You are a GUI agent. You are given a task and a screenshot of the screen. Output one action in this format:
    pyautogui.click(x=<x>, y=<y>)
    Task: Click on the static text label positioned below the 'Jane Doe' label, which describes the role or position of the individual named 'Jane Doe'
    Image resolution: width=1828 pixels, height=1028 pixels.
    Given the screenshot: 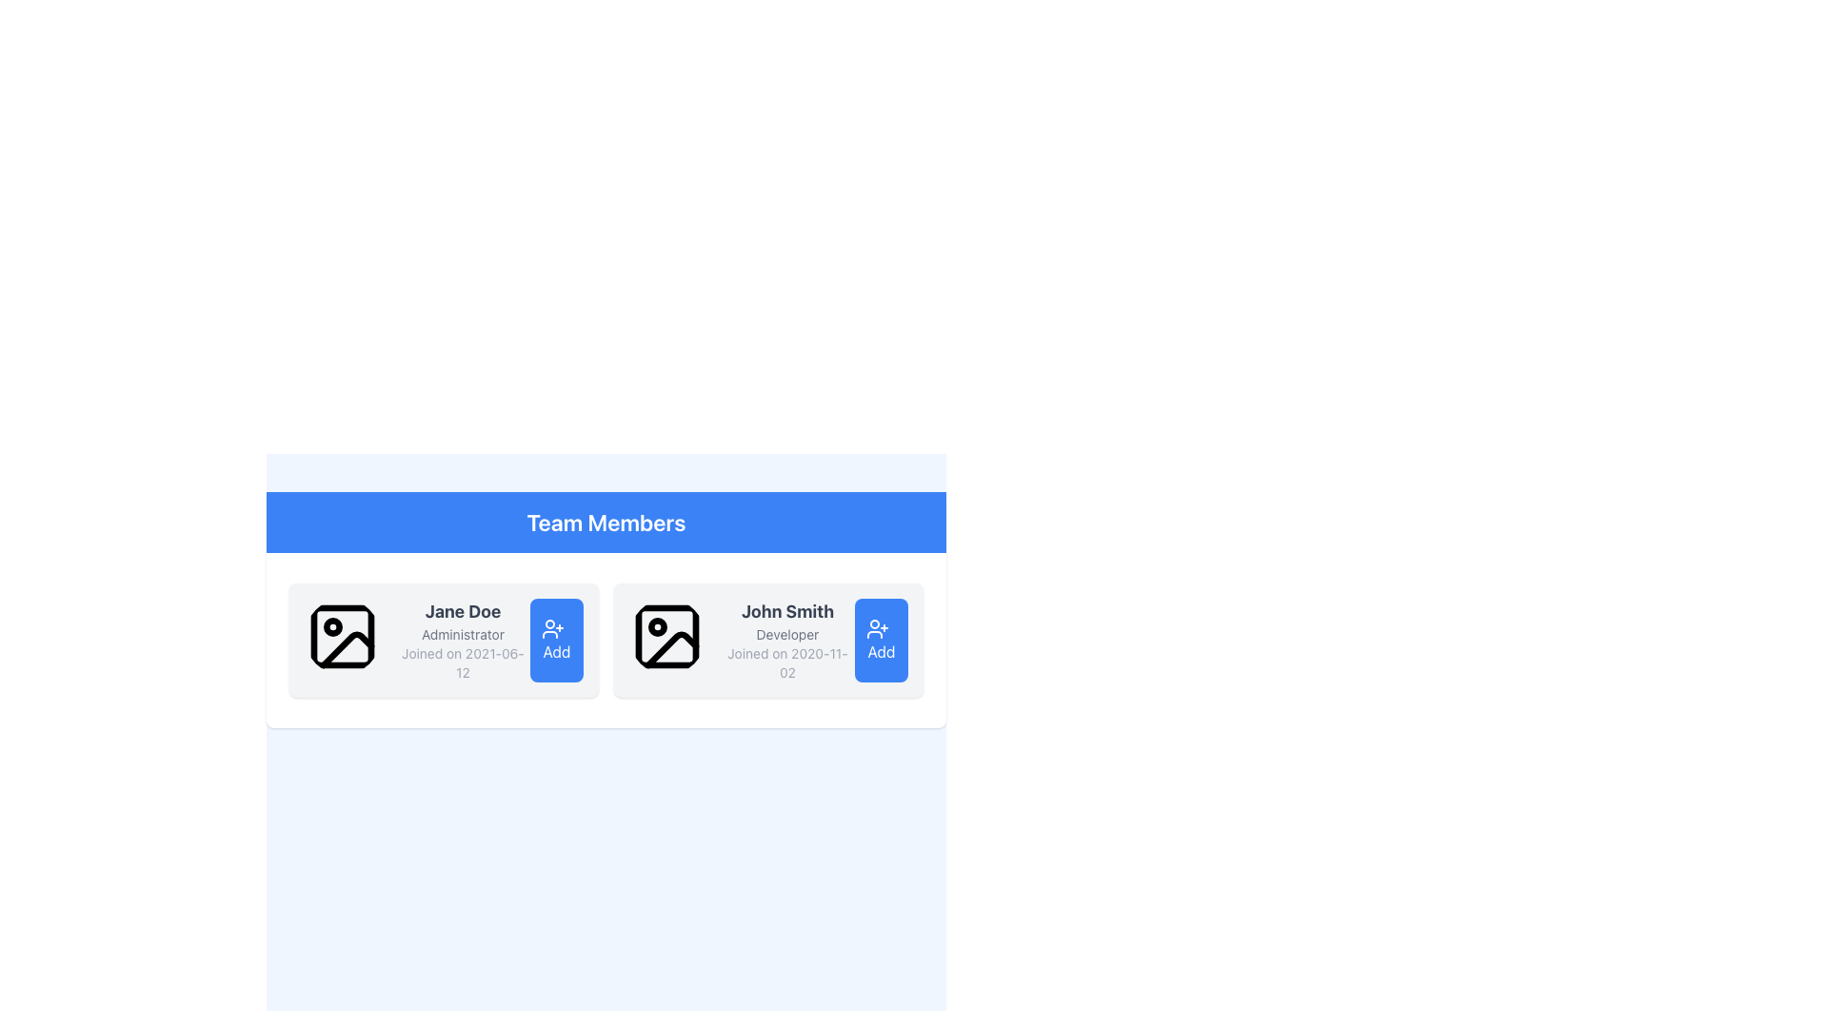 What is the action you would take?
    pyautogui.click(x=463, y=635)
    